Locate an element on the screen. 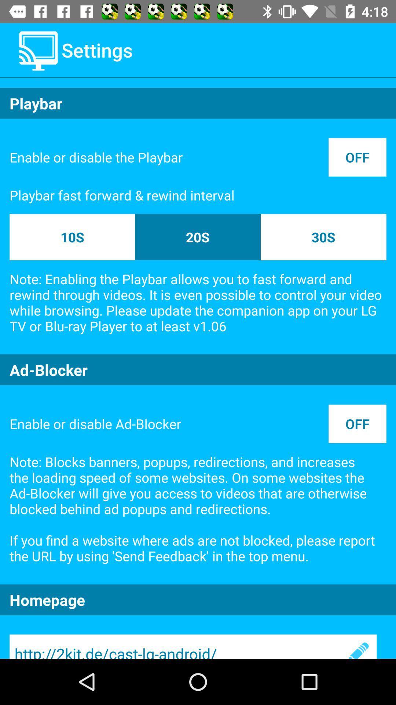 The image size is (396, 705). edit homepage is located at coordinates (357, 647).